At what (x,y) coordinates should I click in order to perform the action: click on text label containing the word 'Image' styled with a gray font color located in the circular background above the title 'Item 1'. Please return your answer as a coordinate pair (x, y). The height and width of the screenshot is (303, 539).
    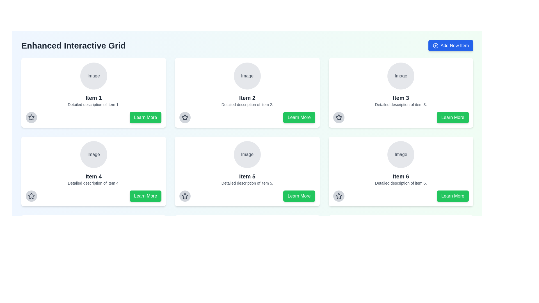
    Looking at the image, I should click on (93, 76).